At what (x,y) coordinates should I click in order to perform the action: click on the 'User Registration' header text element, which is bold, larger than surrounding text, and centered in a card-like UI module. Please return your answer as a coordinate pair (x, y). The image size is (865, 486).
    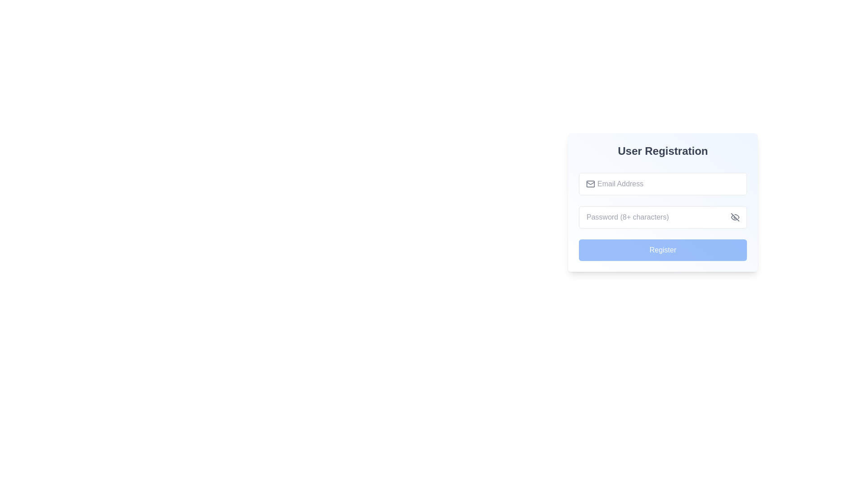
    Looking at the image, I should click on (663, 150).